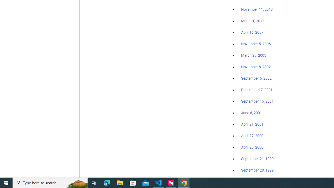 Image resolution: width=334 pixels, height=188 pixels. Describe the element at coordinates (252, 124) in the screenshot. I see `'April 21, 2001'` at that location.